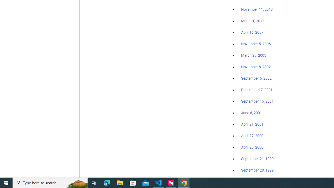 Image resolution: width=334 pixels, height=188 pixels. Describe the element at coordinates (252, 124) in the screenshot. I see `'April 21, 2001'` at that location.